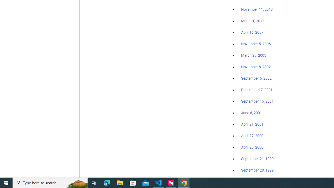 Image resolution: width=334 pixels, height=188 pixels. Describe the element at coordinates (252, 124) in the screenshot. I see `'April 21, 2001'` at that location.